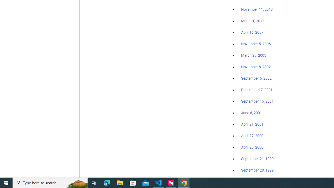 Image resolution: width=334 pixels, height=188 pixels. Describe the element at coordinates (252, 124) in the screenshot. I see `'April 21, 2001'` at that location.